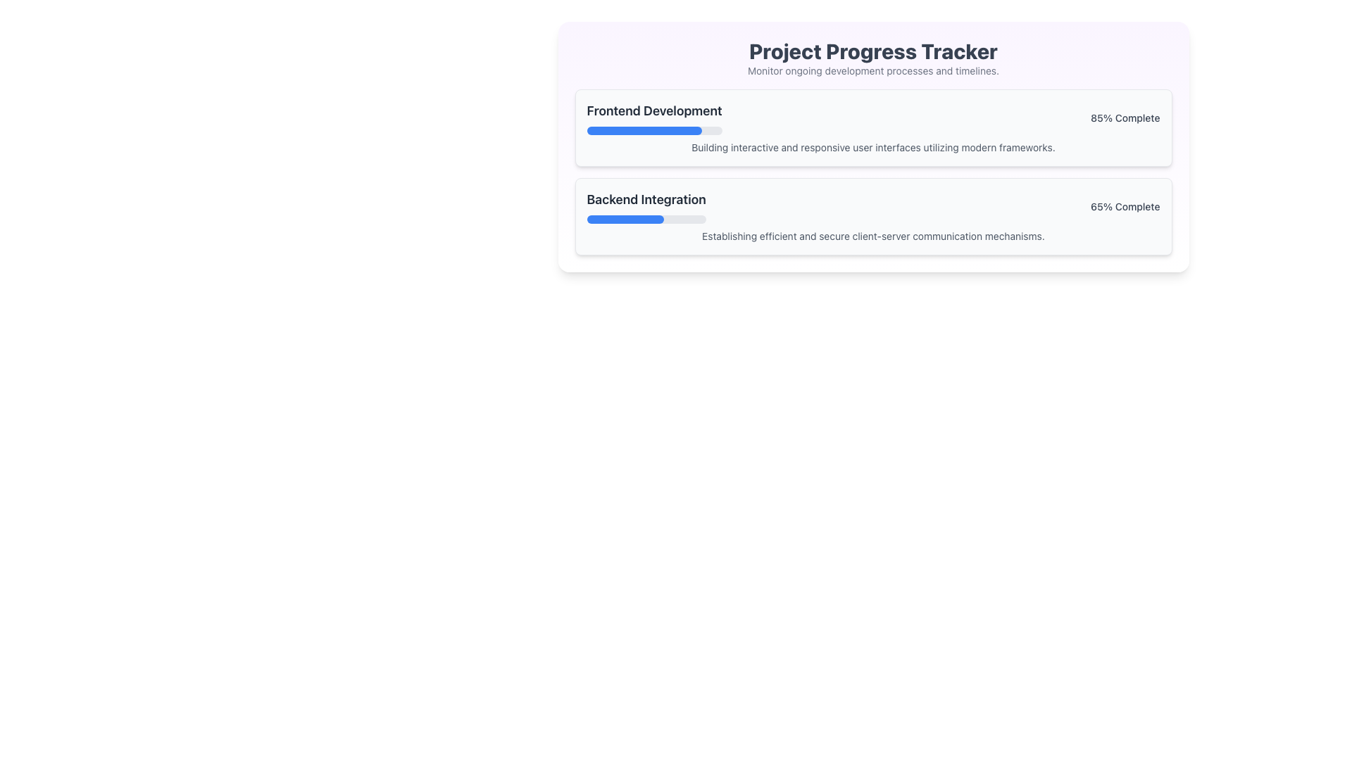 The width and height of the screenshot is (1352, 760). I want to click on the small gray text label reading 'Monitor ongoing development processes and timelines' located below the header 'Project Progress Tracker', so click(872, 70).